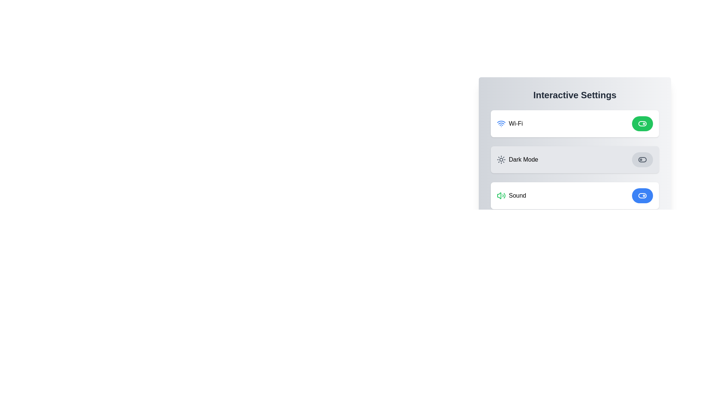 Image resolution: width=721 pixels, height=405 pixels. Describe the element at coordinates (501, 121) in the screenshot. I see `the second arc of the Wi-Fi signal icon, which visually indicates connectivity` at that location.